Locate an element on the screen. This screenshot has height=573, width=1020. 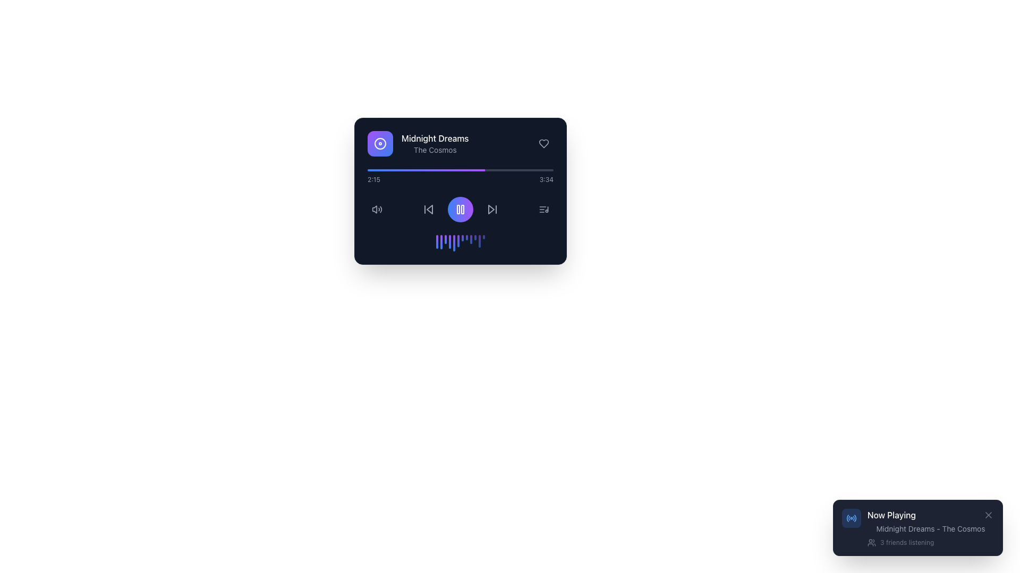
progress is located at coordinates (387, 169).